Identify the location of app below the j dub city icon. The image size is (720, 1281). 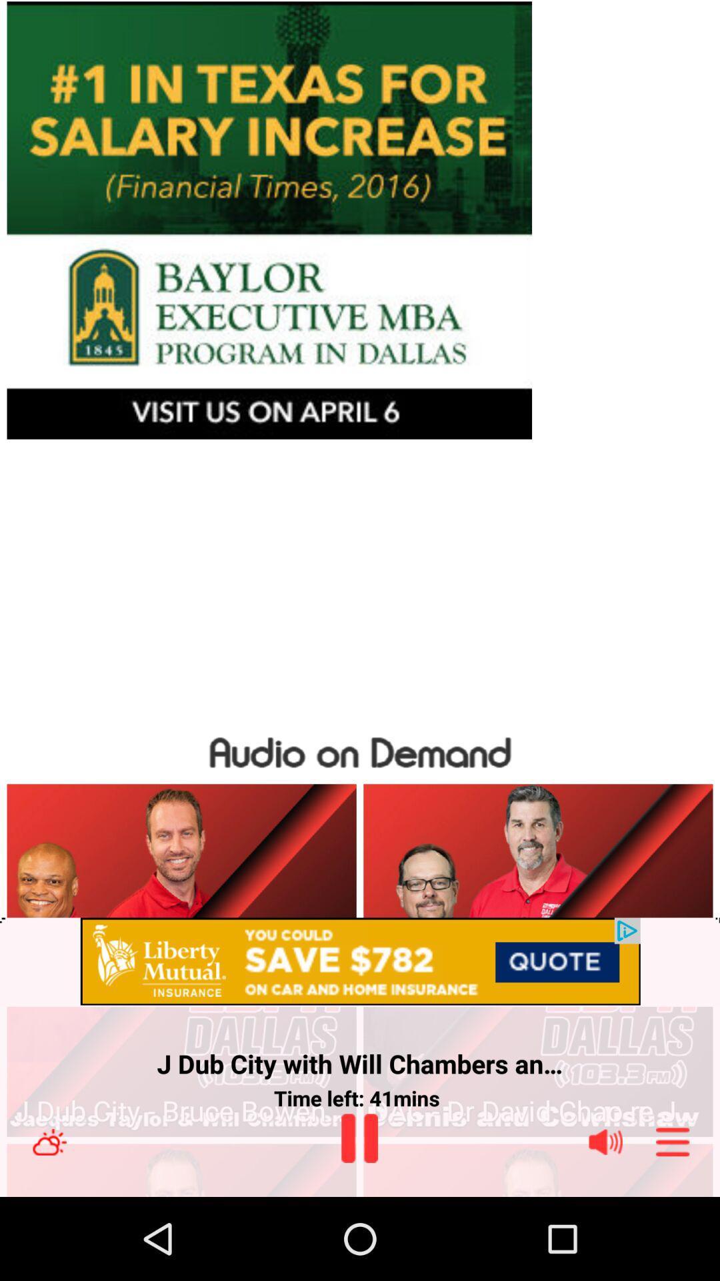
(537, 1111).